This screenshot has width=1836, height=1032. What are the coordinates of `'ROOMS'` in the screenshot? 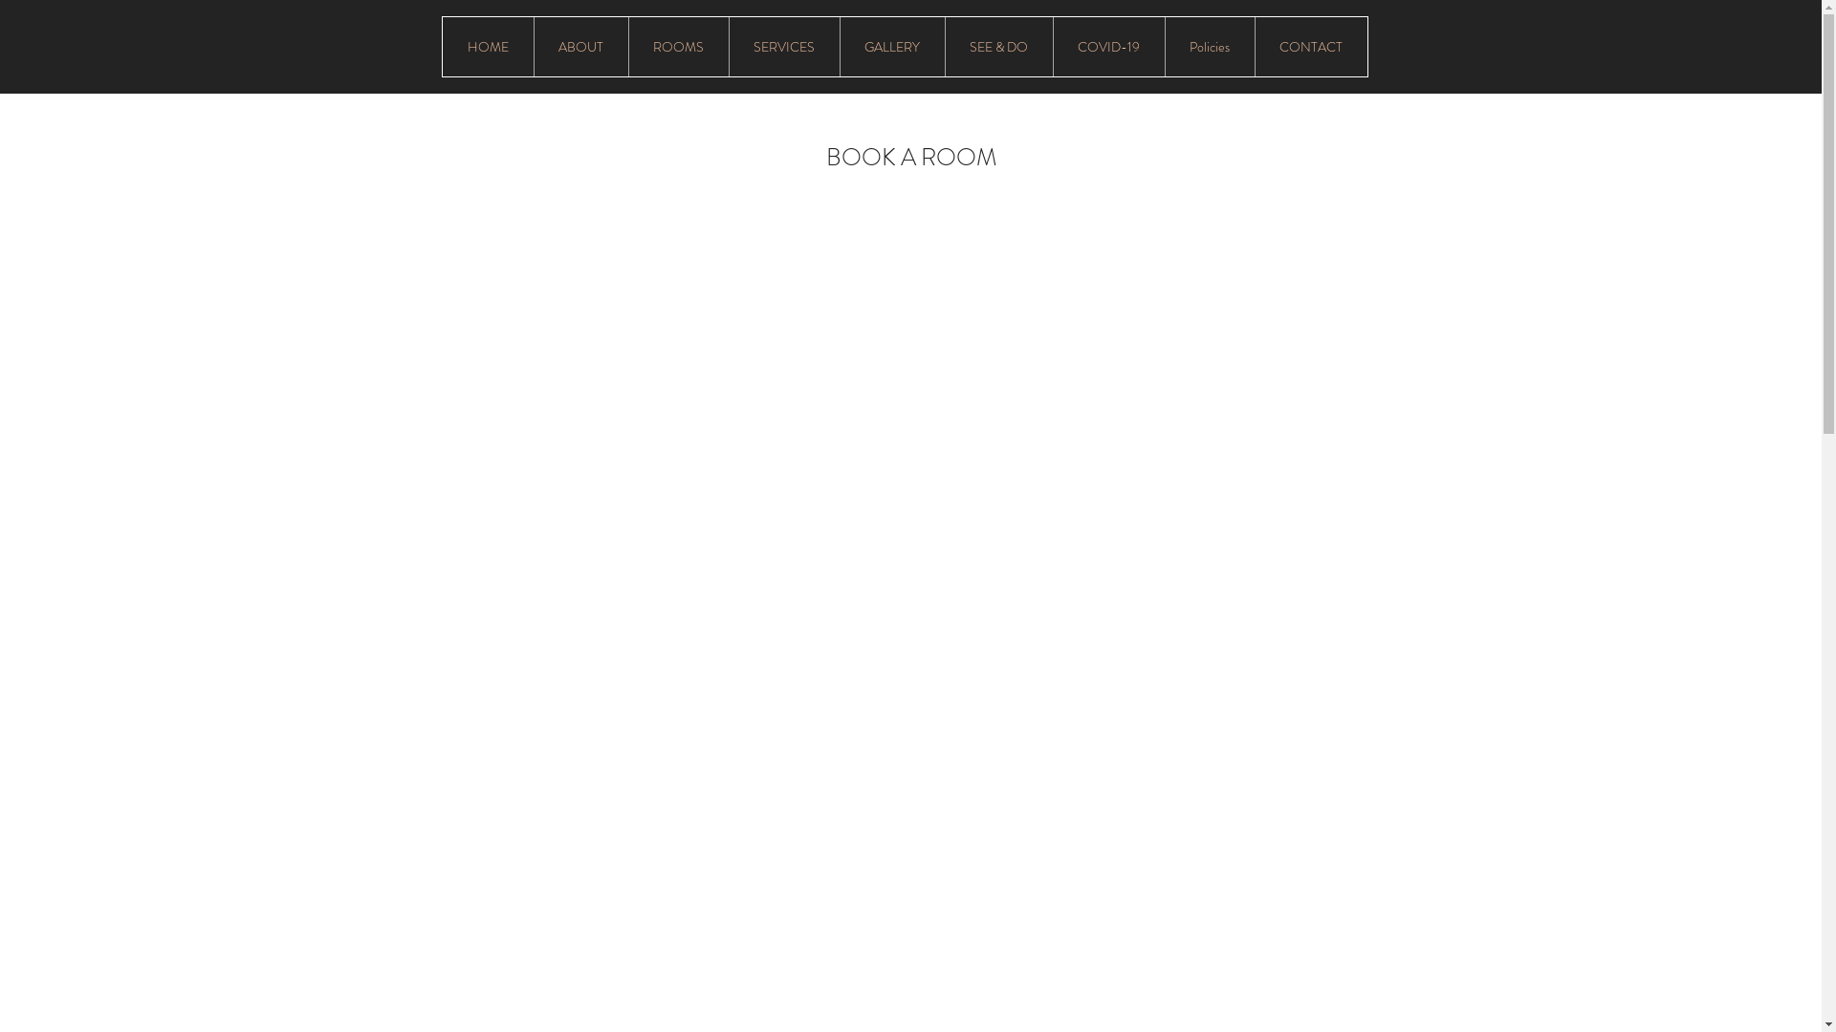 It's located at (677, 46).